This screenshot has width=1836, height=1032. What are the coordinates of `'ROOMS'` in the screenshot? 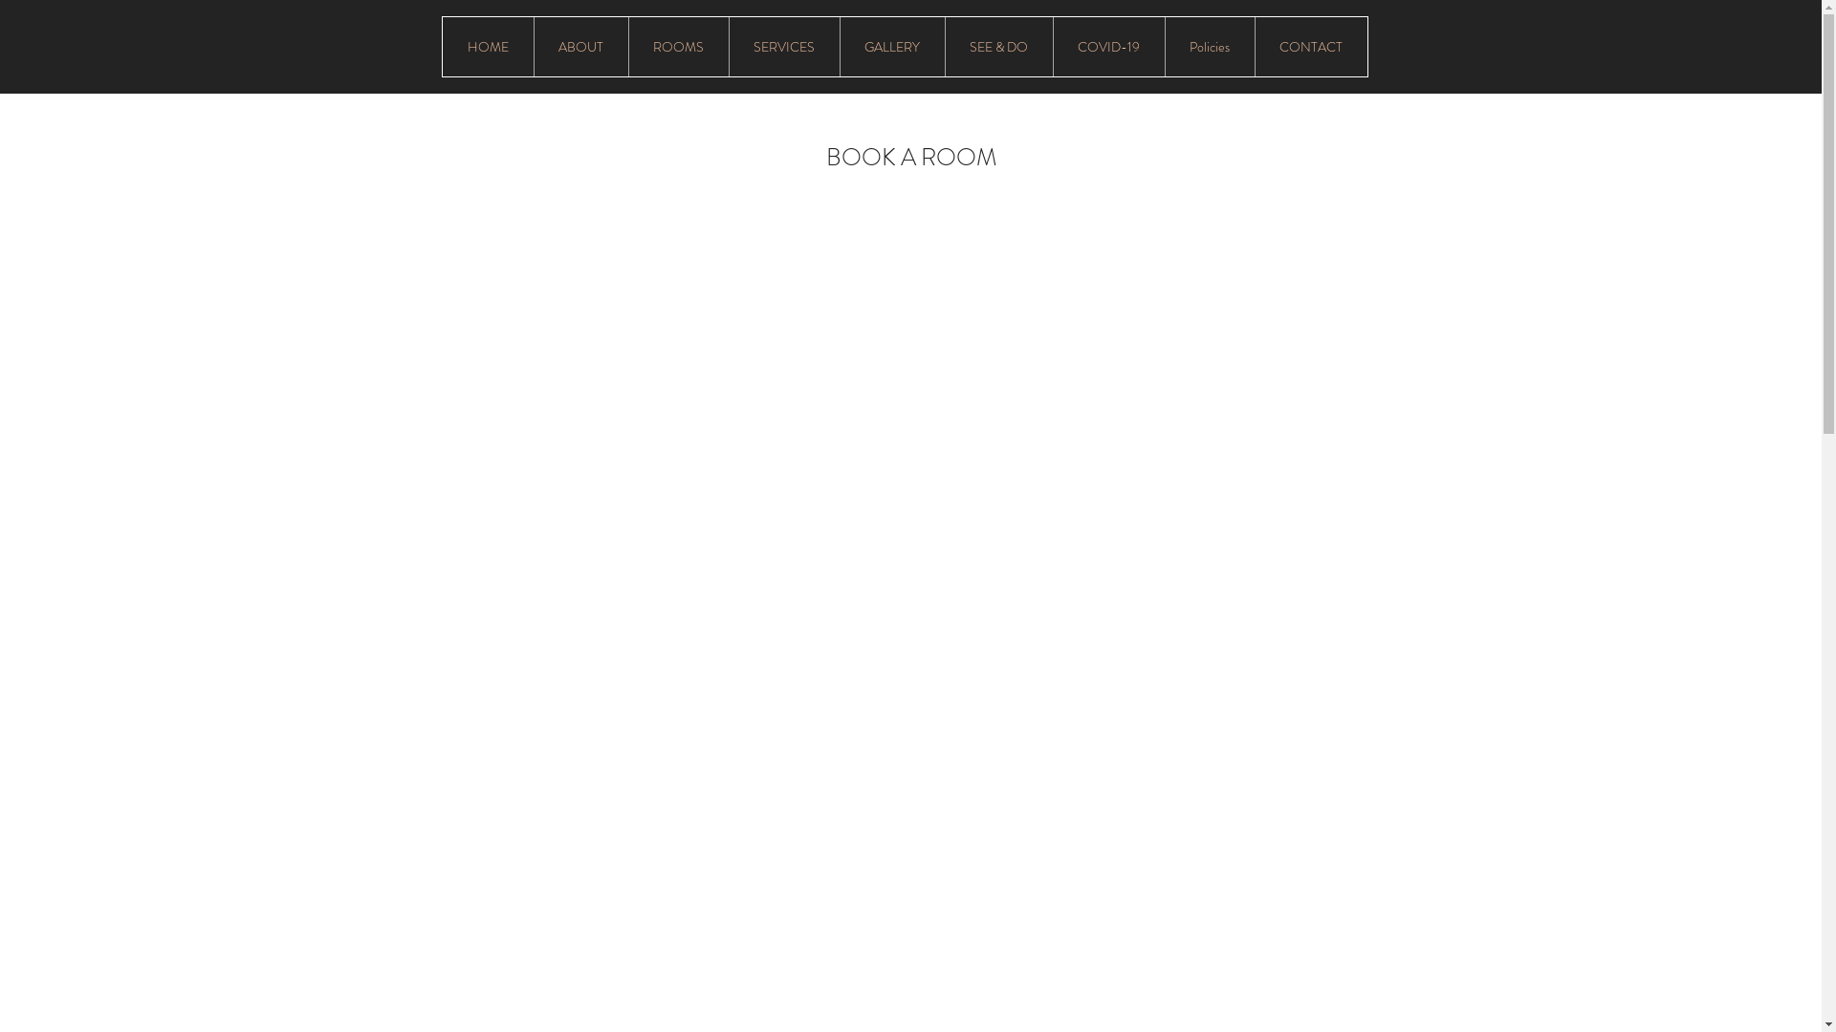 It's located at (677, 46).